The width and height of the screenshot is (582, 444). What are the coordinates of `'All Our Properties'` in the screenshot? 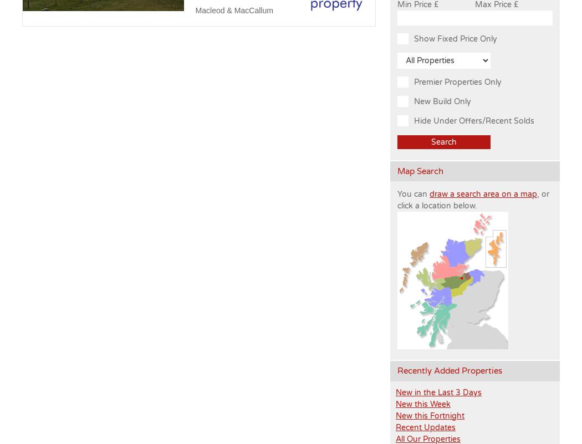 It's located at (395, 438).